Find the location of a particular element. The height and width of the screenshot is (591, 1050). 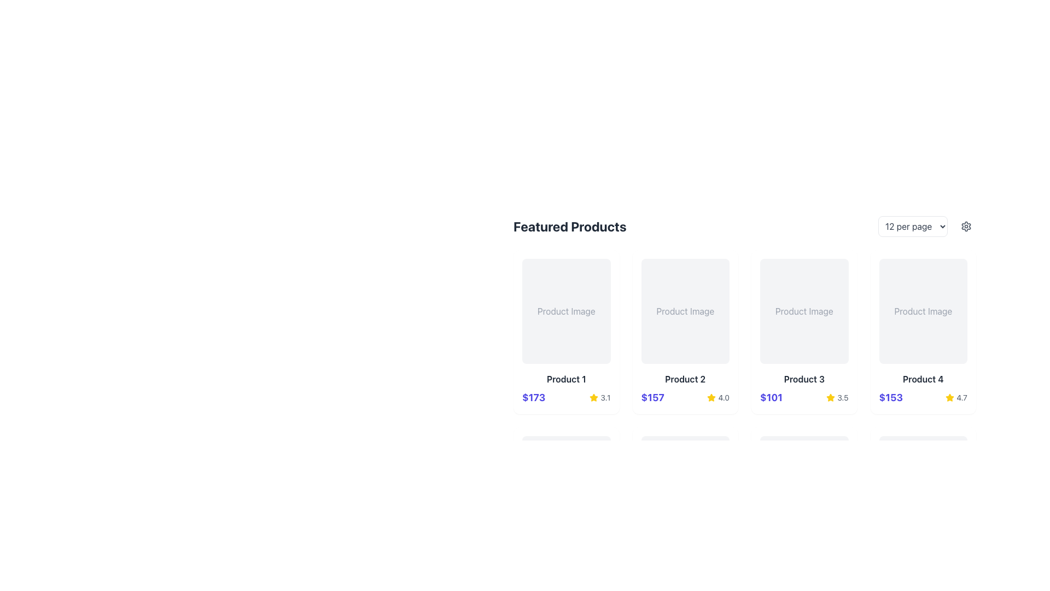

the star icon representing the rating of the product, located to the left of the text '3.5' in the third card of the product list is located at coordinates (831, 397).